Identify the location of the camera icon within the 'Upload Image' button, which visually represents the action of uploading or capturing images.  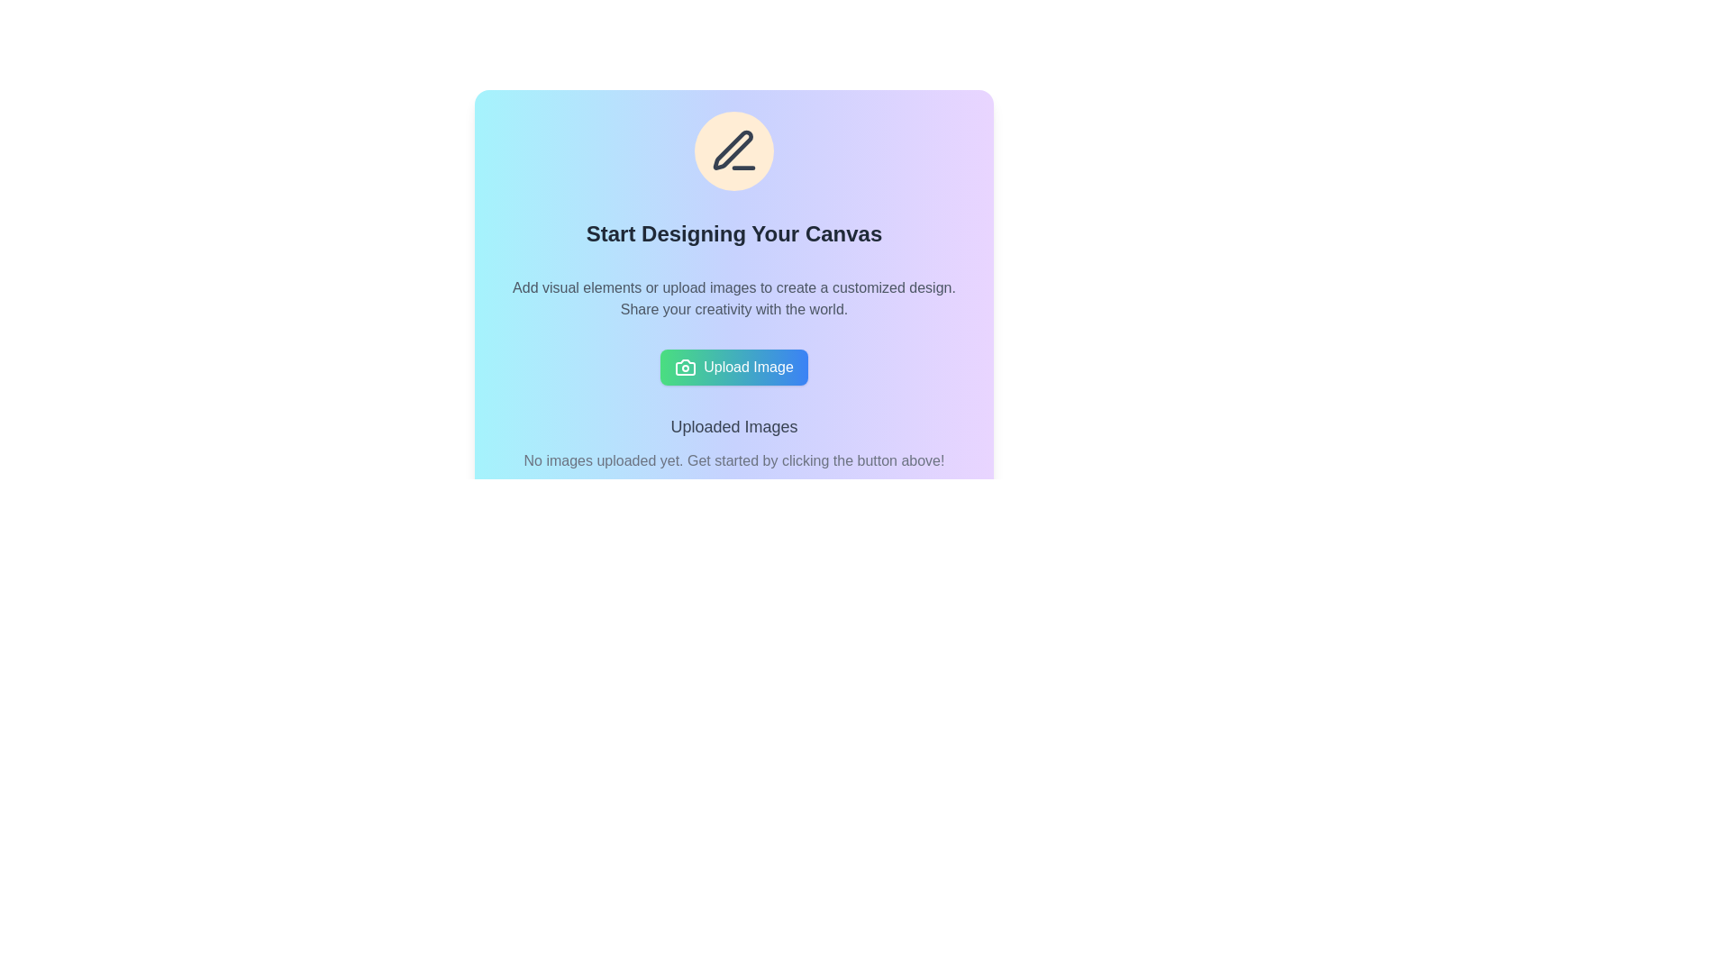
(685, 367).